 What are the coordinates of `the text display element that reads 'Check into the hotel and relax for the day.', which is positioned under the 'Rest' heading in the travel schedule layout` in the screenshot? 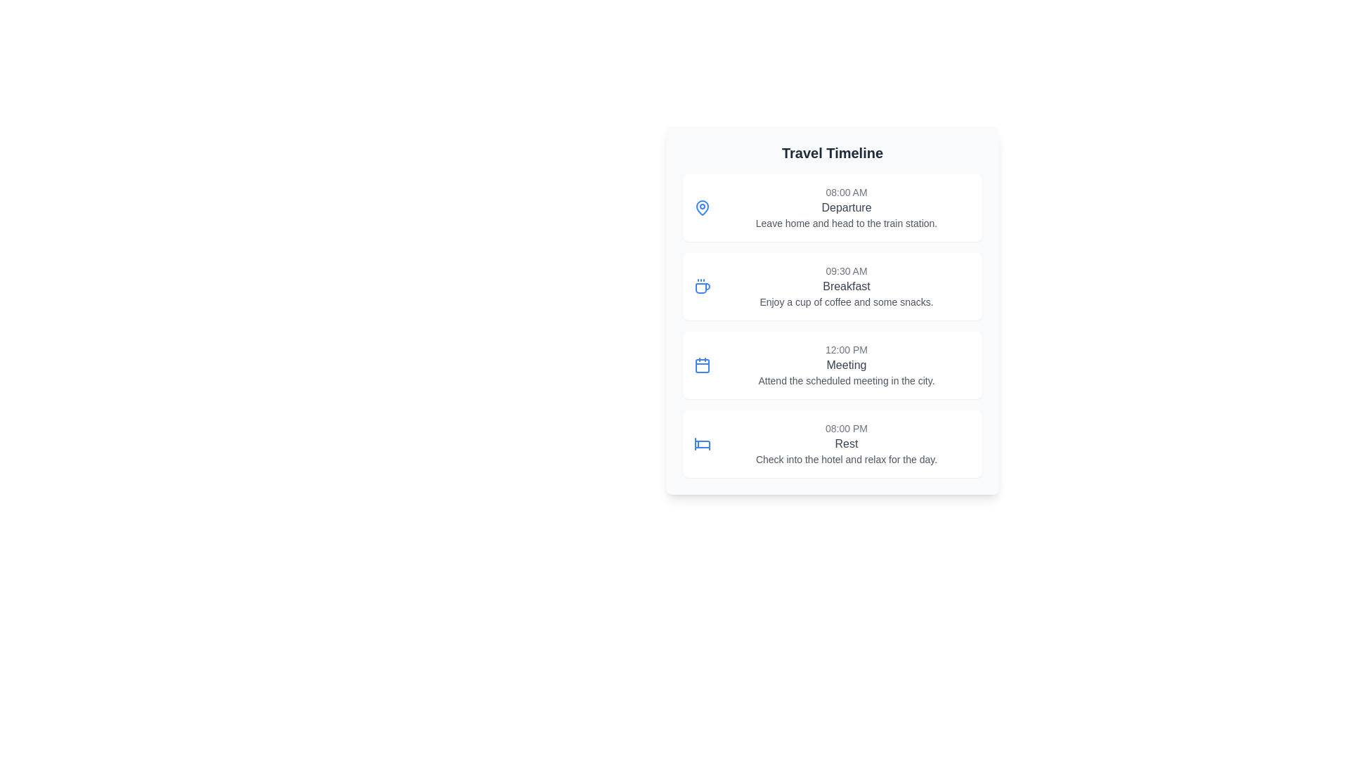 It's located at (845, 460).